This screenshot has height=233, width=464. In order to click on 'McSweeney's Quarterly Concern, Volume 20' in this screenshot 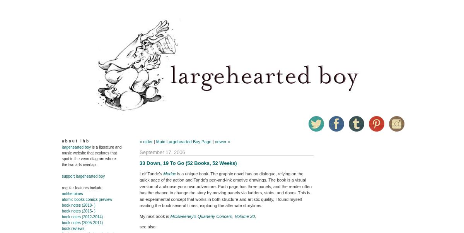, I will do `click(212, 215)`.